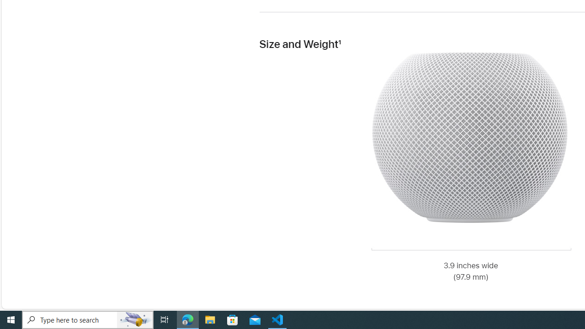  Describe the element at coordinates (339, 44) in the screenshot. I see `'Footnote 1'` at that location.